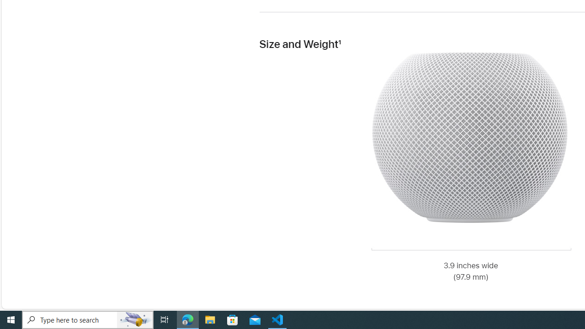  Describe the element at coordinates (339, 44) in the screenshot. I see `'Footnote 1'` at that location.